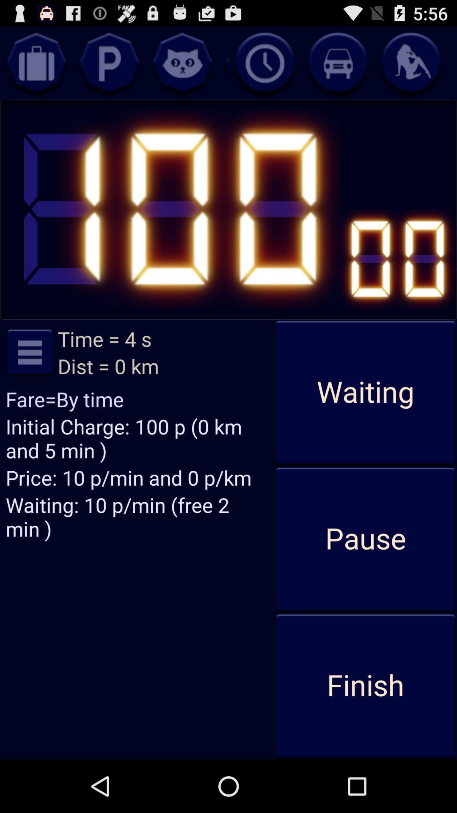  I want to click on driving, so click(337, 63).